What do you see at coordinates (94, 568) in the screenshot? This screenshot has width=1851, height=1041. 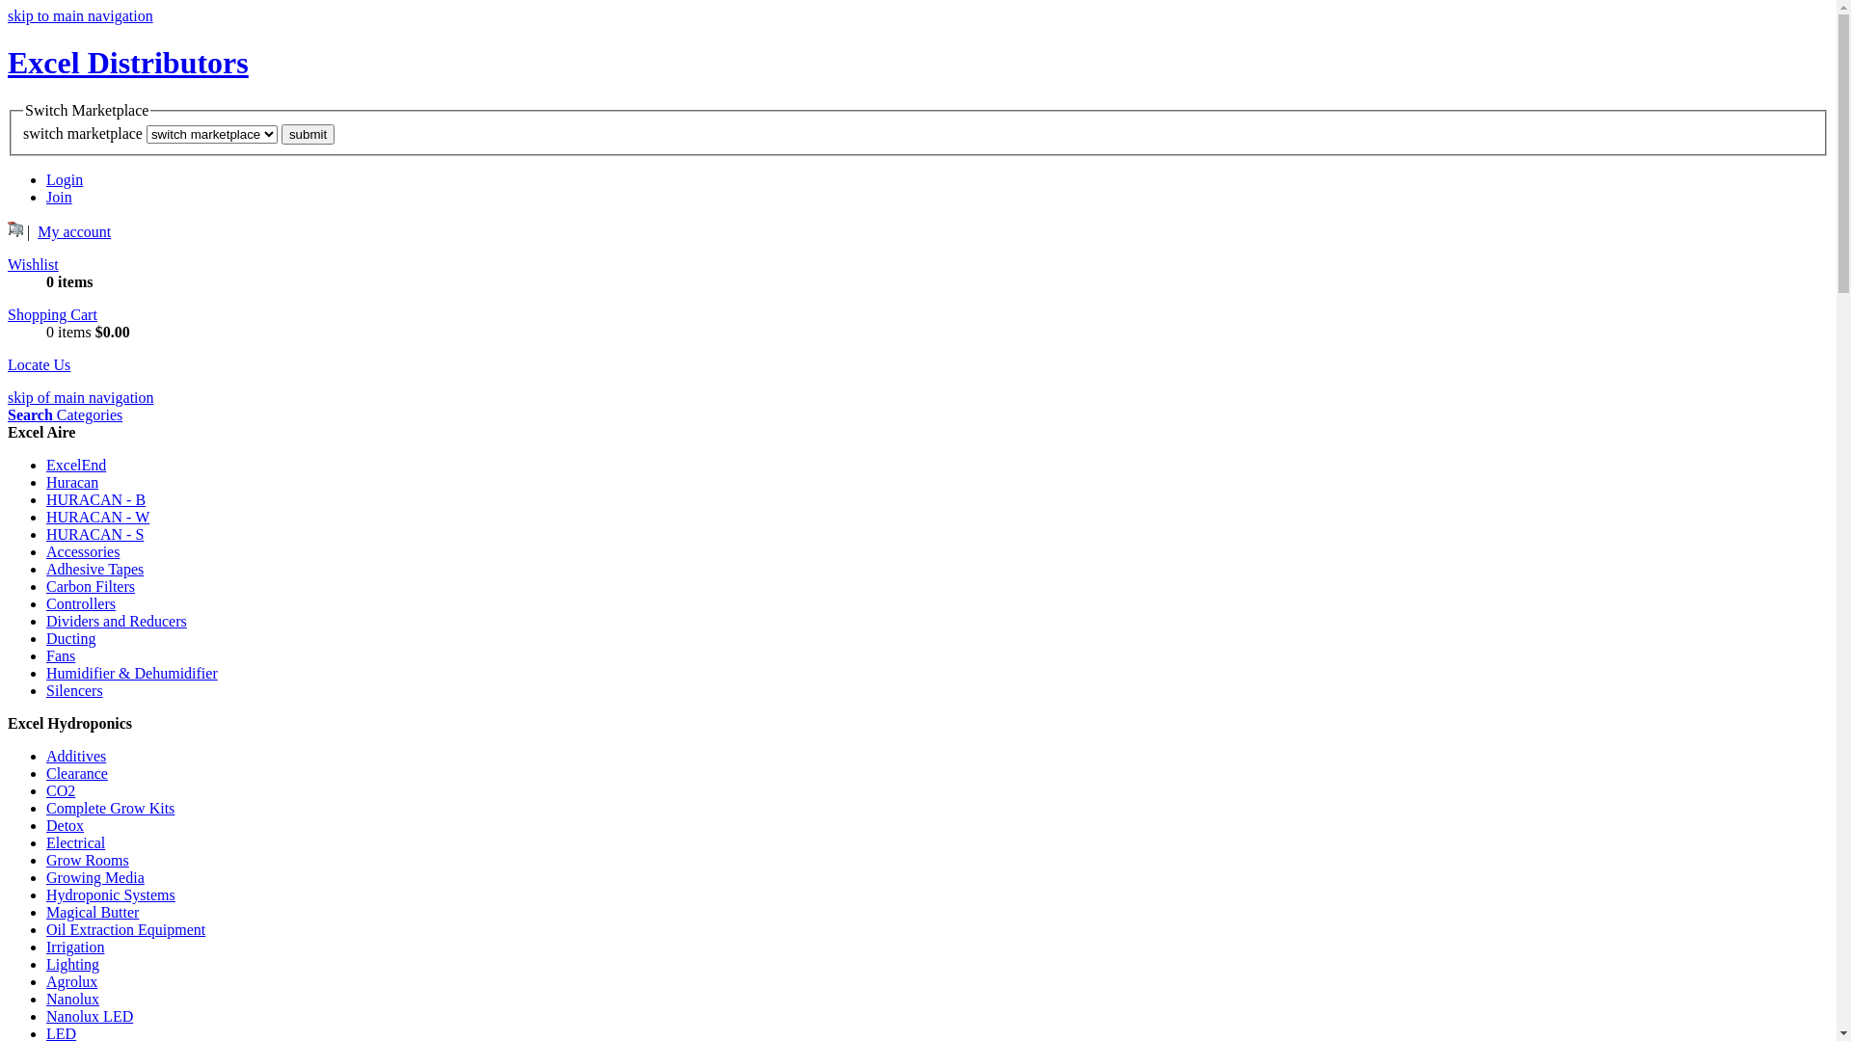 I see `'Adhesive Tapes'` at bounding box center [94, 568].